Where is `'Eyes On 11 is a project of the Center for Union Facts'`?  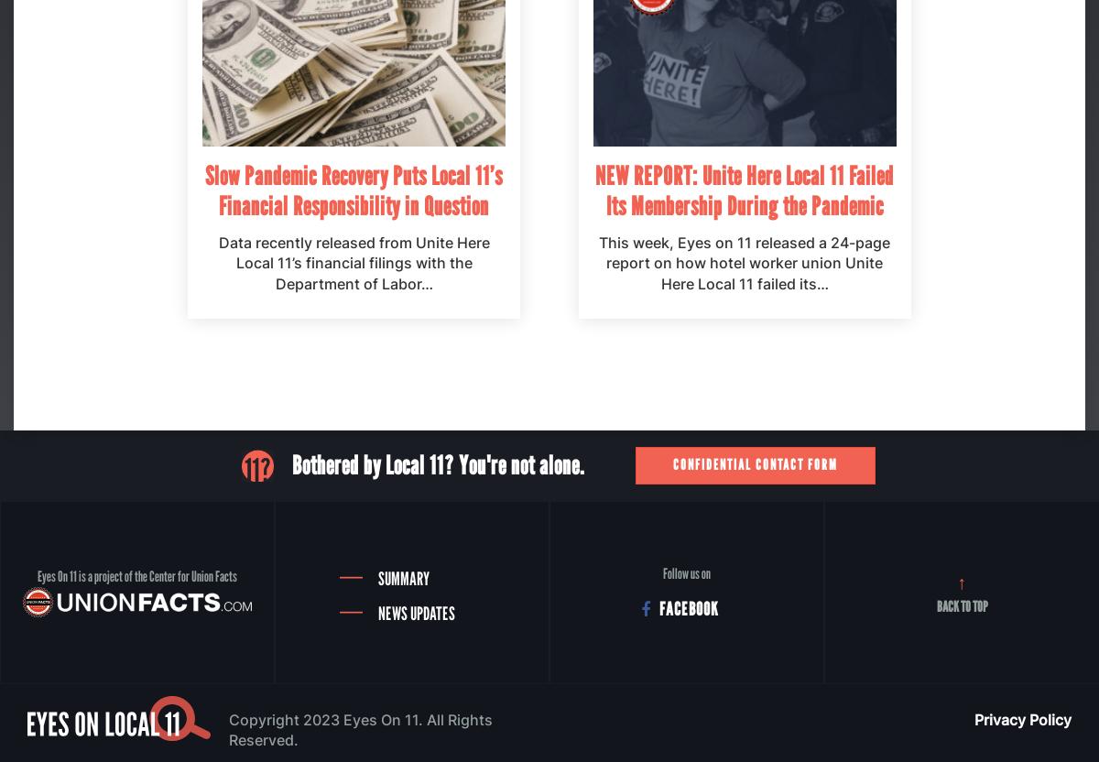
'Eyes On 11 is a project of the Center for Union Facts' is located at coordinates (137, 576).